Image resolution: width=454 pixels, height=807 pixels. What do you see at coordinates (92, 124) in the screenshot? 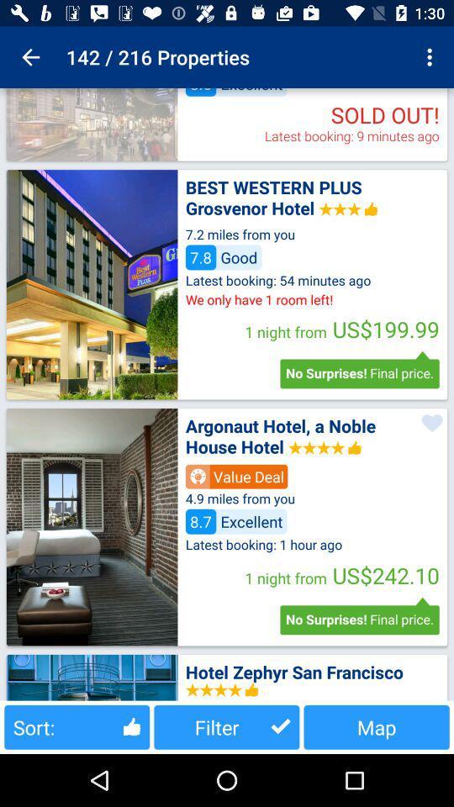
I see `display picture of hotel` at bounding box center [92, 124].